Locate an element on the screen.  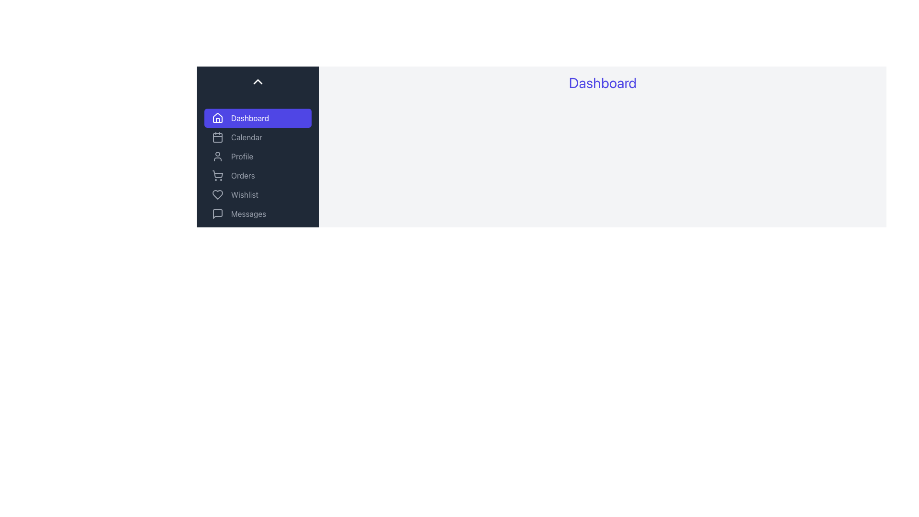
the heart-shaped icon in the sidebar, which is located adjacent to the 'Wishlist' label. This icon is the fifth item from the top, positioned below 'Orders' and above 'Messages' is located at coordinates (217, 194).